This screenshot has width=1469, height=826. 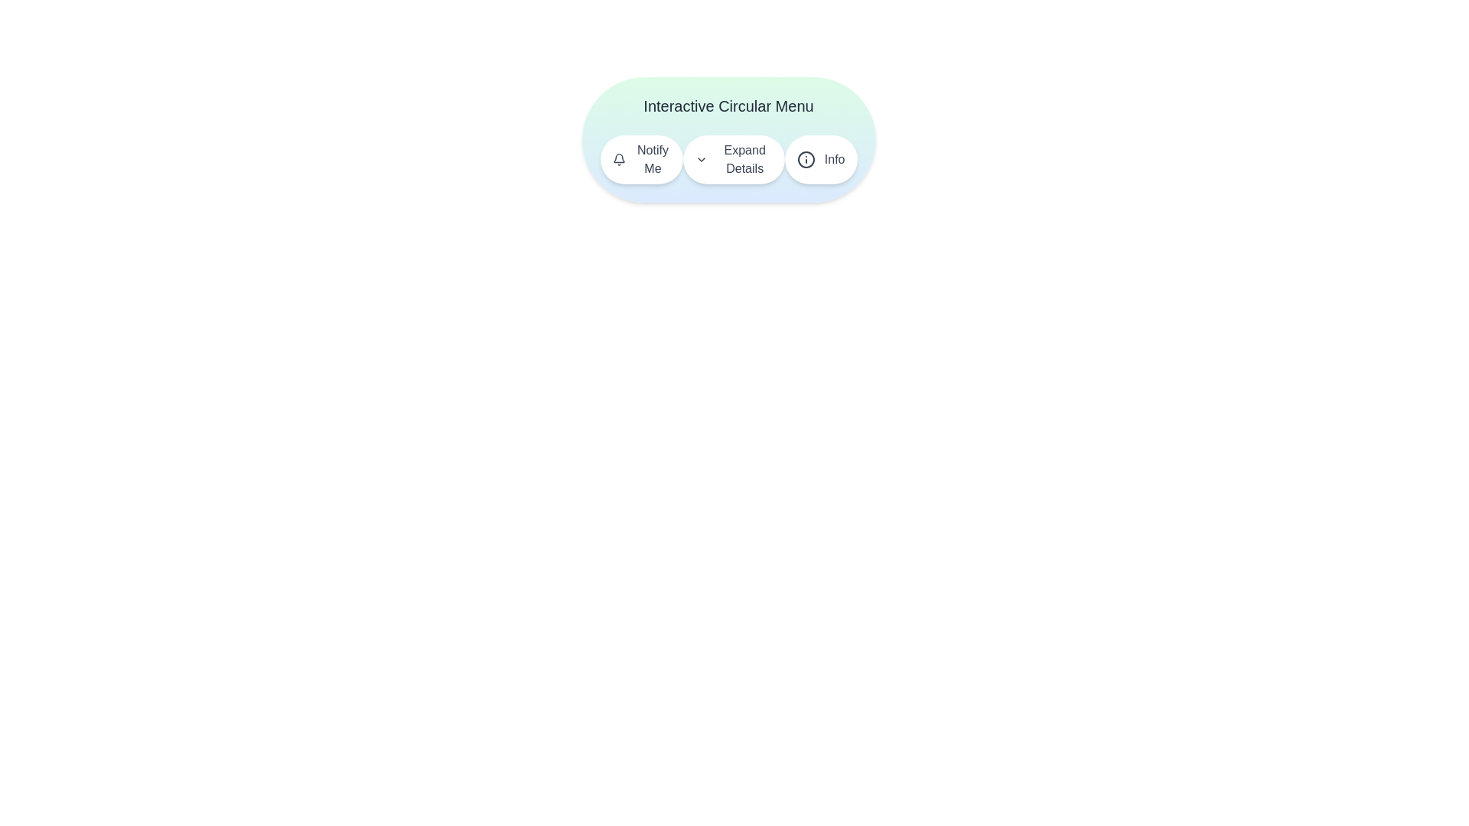 I want to click on the button labeled Info, so click(x=820, y=159).